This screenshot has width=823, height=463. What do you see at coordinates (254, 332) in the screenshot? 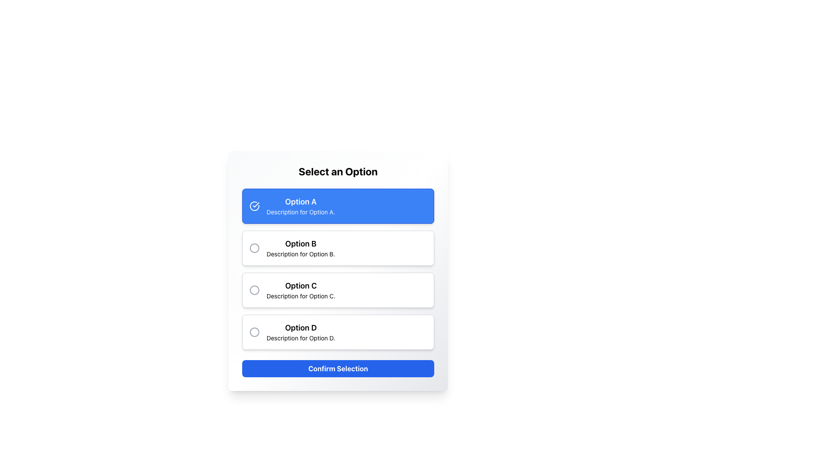
I see `the unfilled circle representing the deselected state of the 'Option D' radio button` at bounding box center [254, 332].